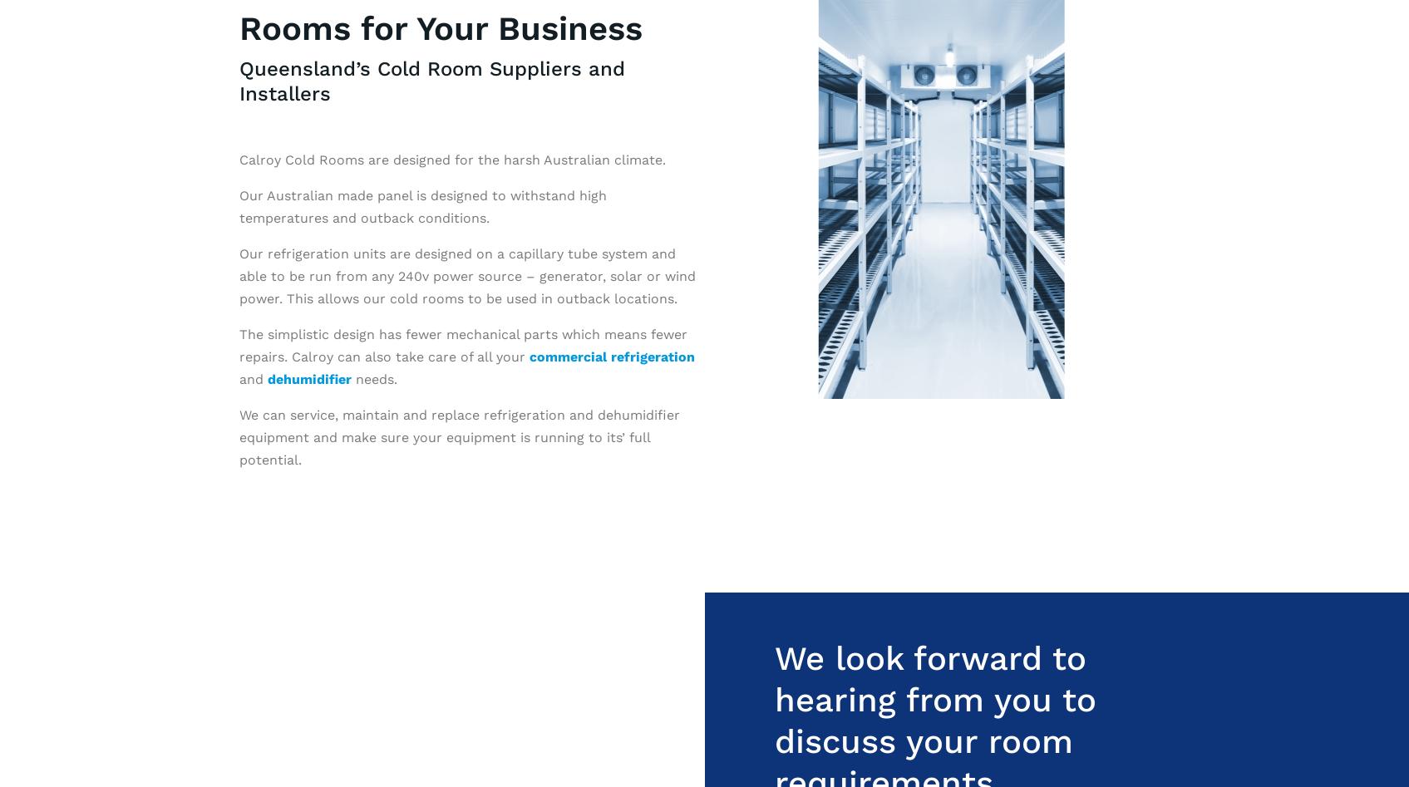 Image resolution: width=1409 pixels, height=787 pixels. I want to click on 'Calroy can also take care of all your', so click(409, 356).